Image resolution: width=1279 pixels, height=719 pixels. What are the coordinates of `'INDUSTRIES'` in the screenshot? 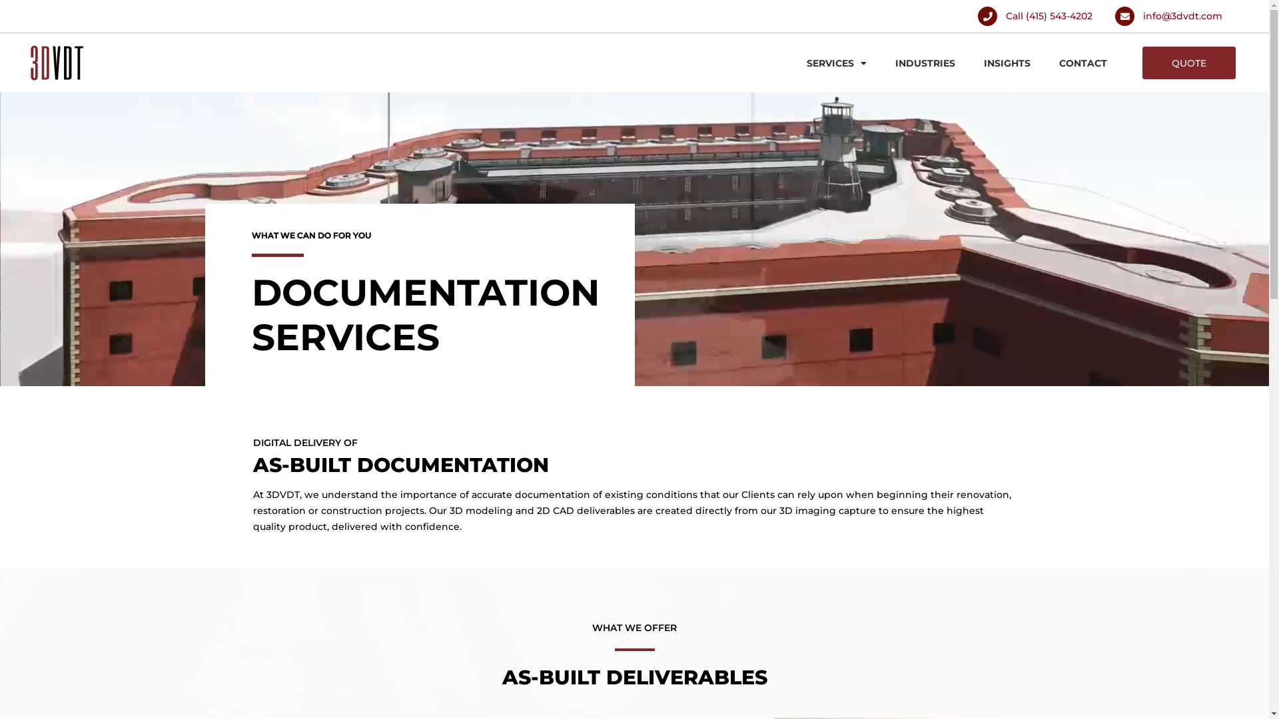 It's located at (886, 63).